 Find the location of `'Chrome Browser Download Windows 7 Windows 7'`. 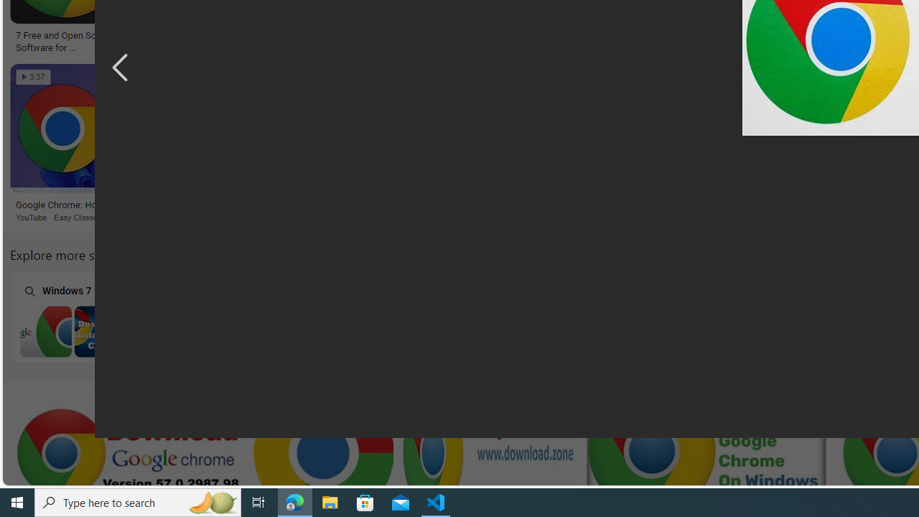

'Chrome Browser Download Windows 7 Windows 7' is located at coordinates (99, 316).